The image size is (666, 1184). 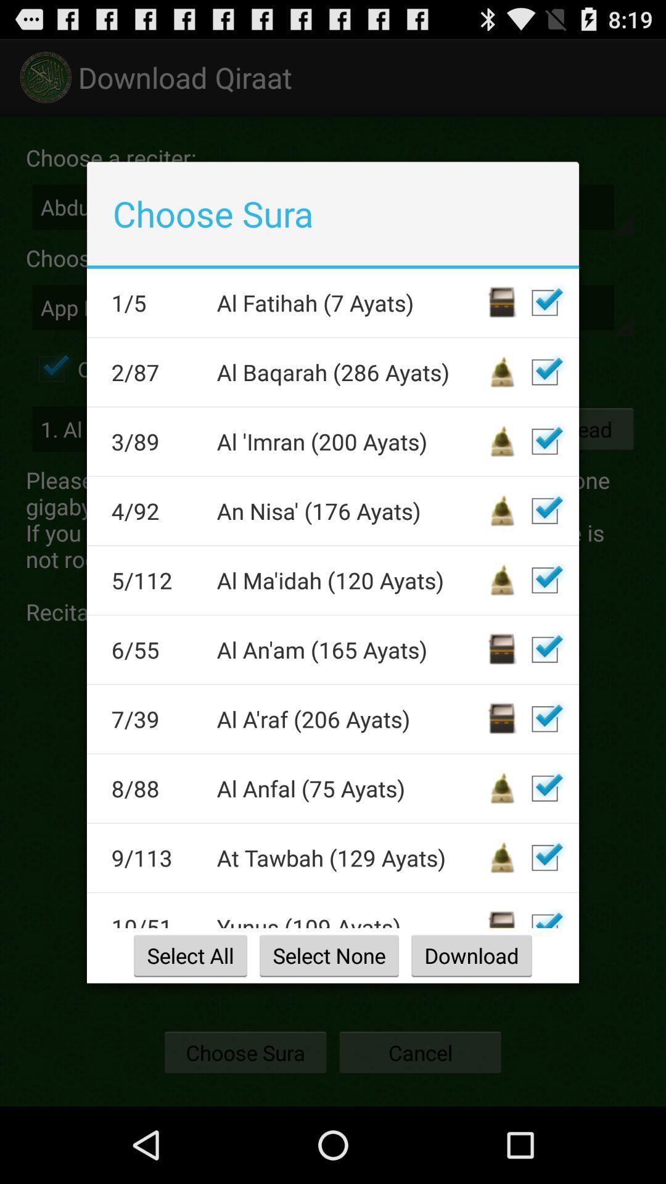 I want to click on the icon to the left of the al an am item, so click(x=155, y=649).